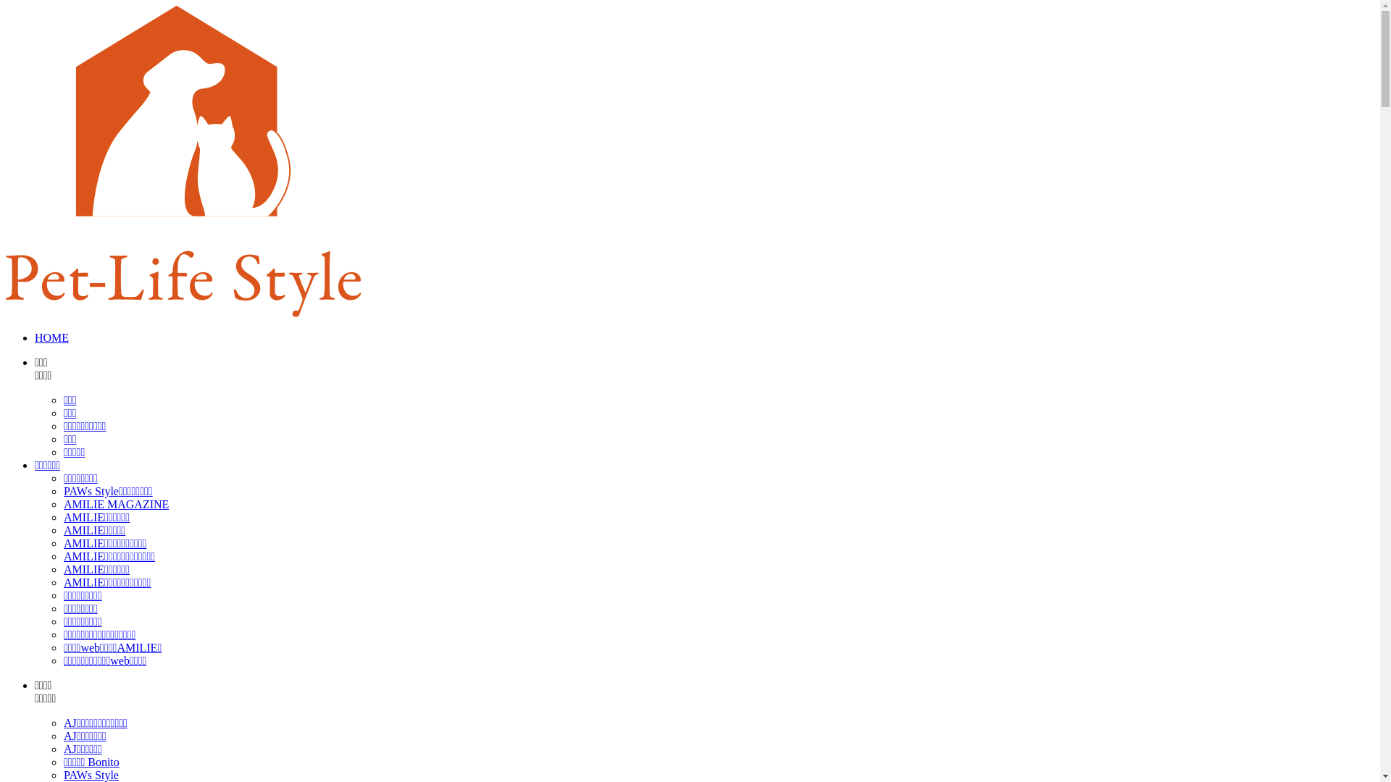 This screenshot has height=782, width=1391. I want to click on 'AMILIE MAGAZINE', so click(116, 503).